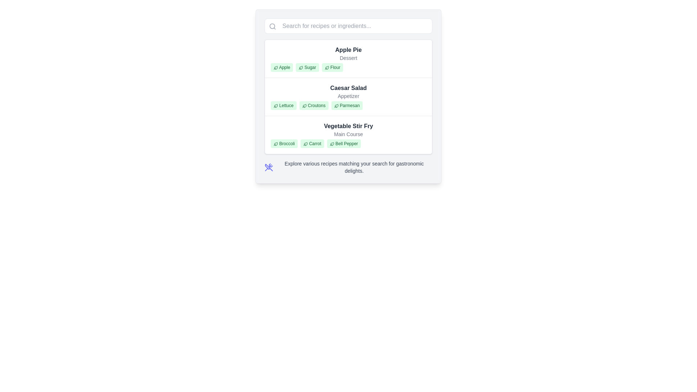 Image resolution: width=697 pixels, height=392 pixels. I want to click on the small green leaf icon associated with the 'Croutons' label in the Caesar Salad section, so click(304, 106).